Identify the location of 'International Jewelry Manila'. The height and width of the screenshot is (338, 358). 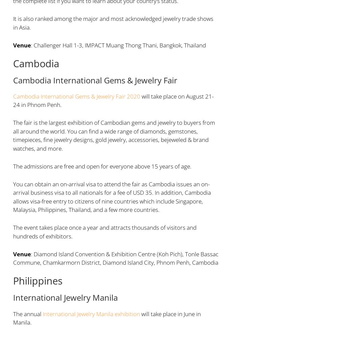
(65, 297).